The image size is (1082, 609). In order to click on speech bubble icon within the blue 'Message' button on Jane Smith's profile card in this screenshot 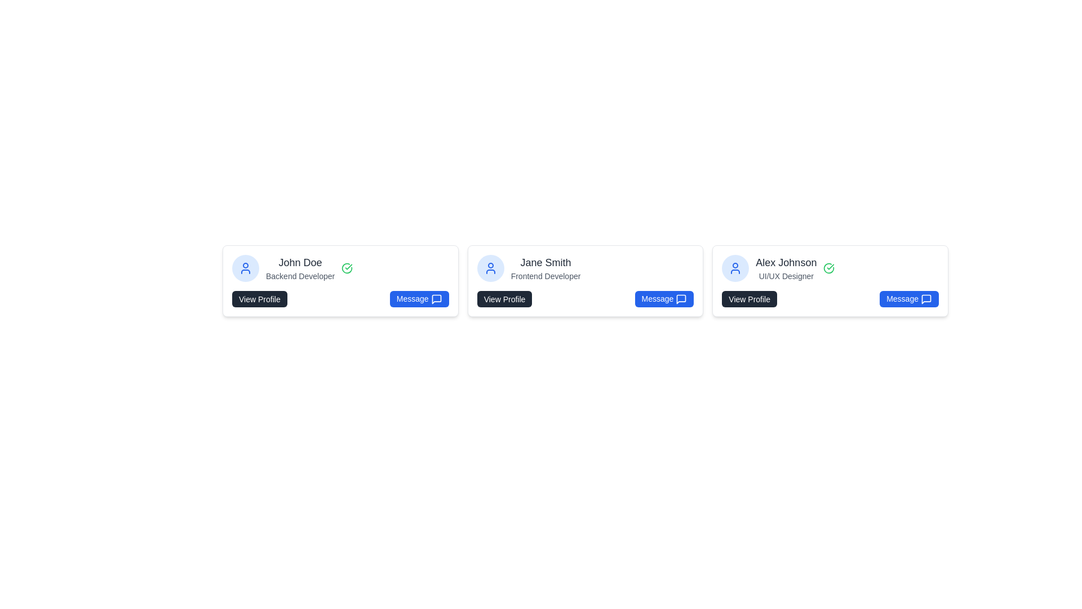, I will do `click(681, 299)`.